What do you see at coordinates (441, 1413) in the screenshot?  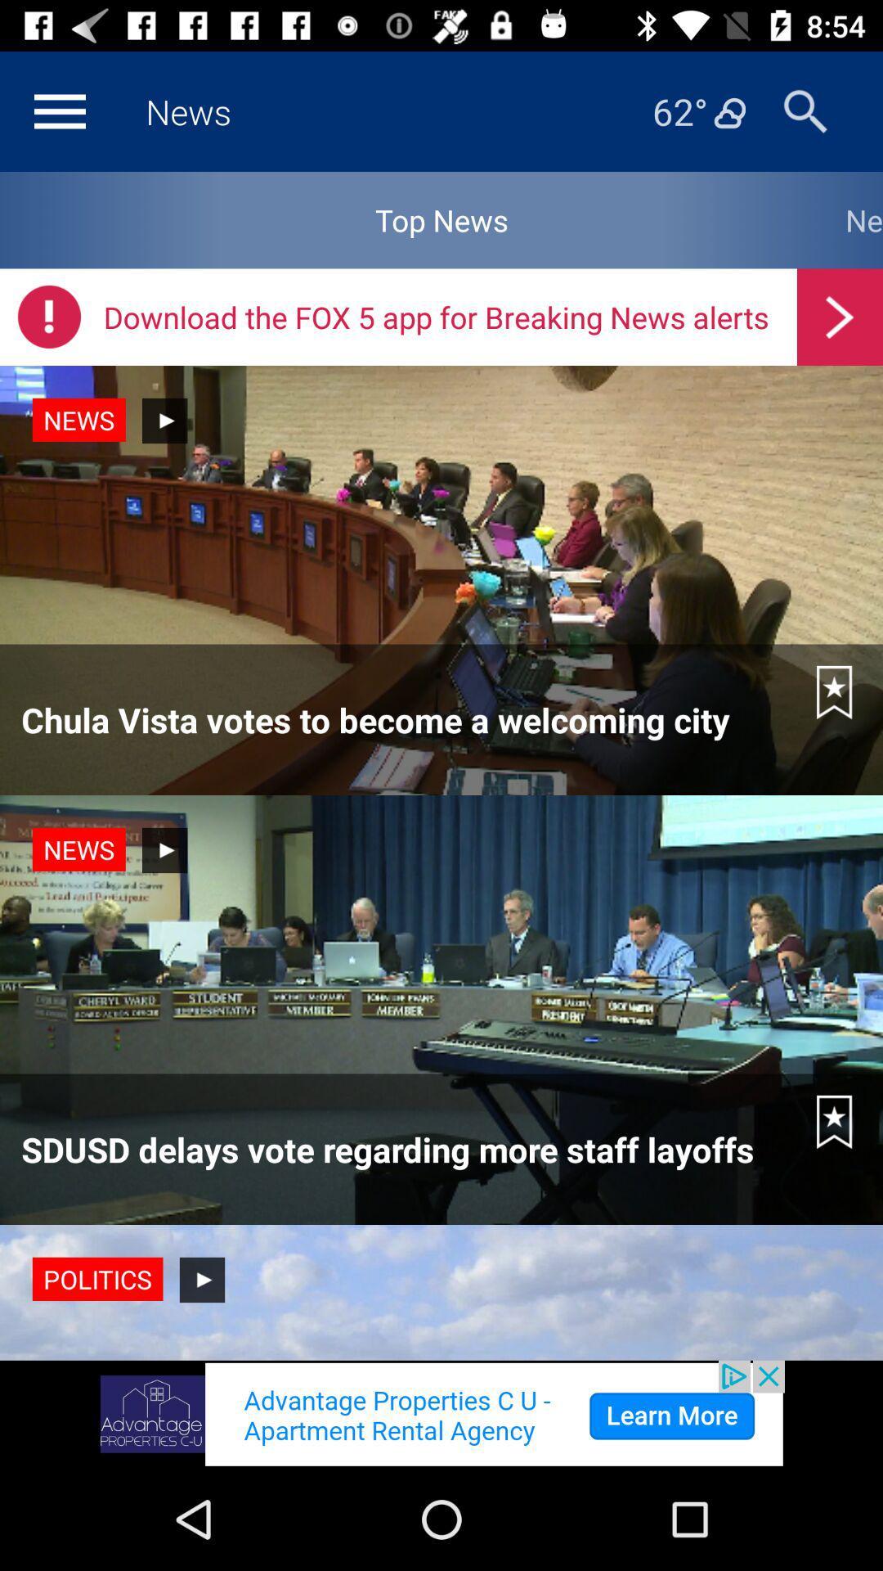 I see `search about add` at bounding box center [441, 1413].